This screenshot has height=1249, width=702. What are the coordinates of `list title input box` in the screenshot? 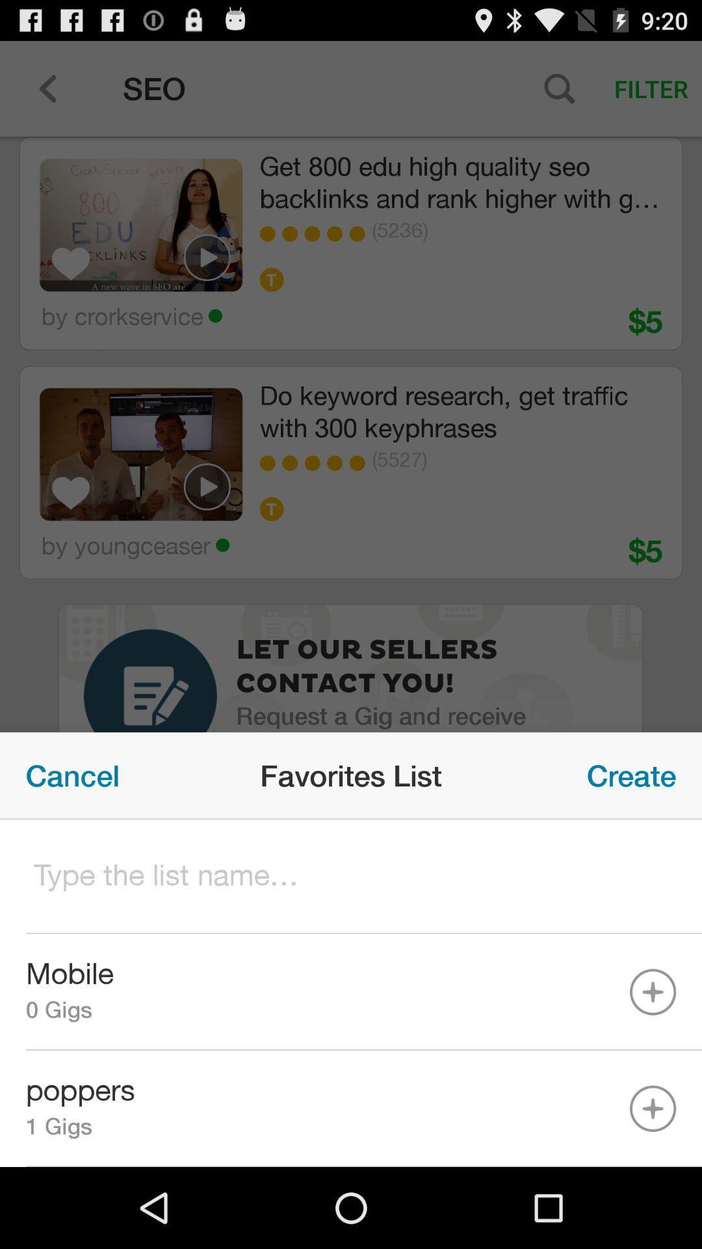 It's located at (351, 876).